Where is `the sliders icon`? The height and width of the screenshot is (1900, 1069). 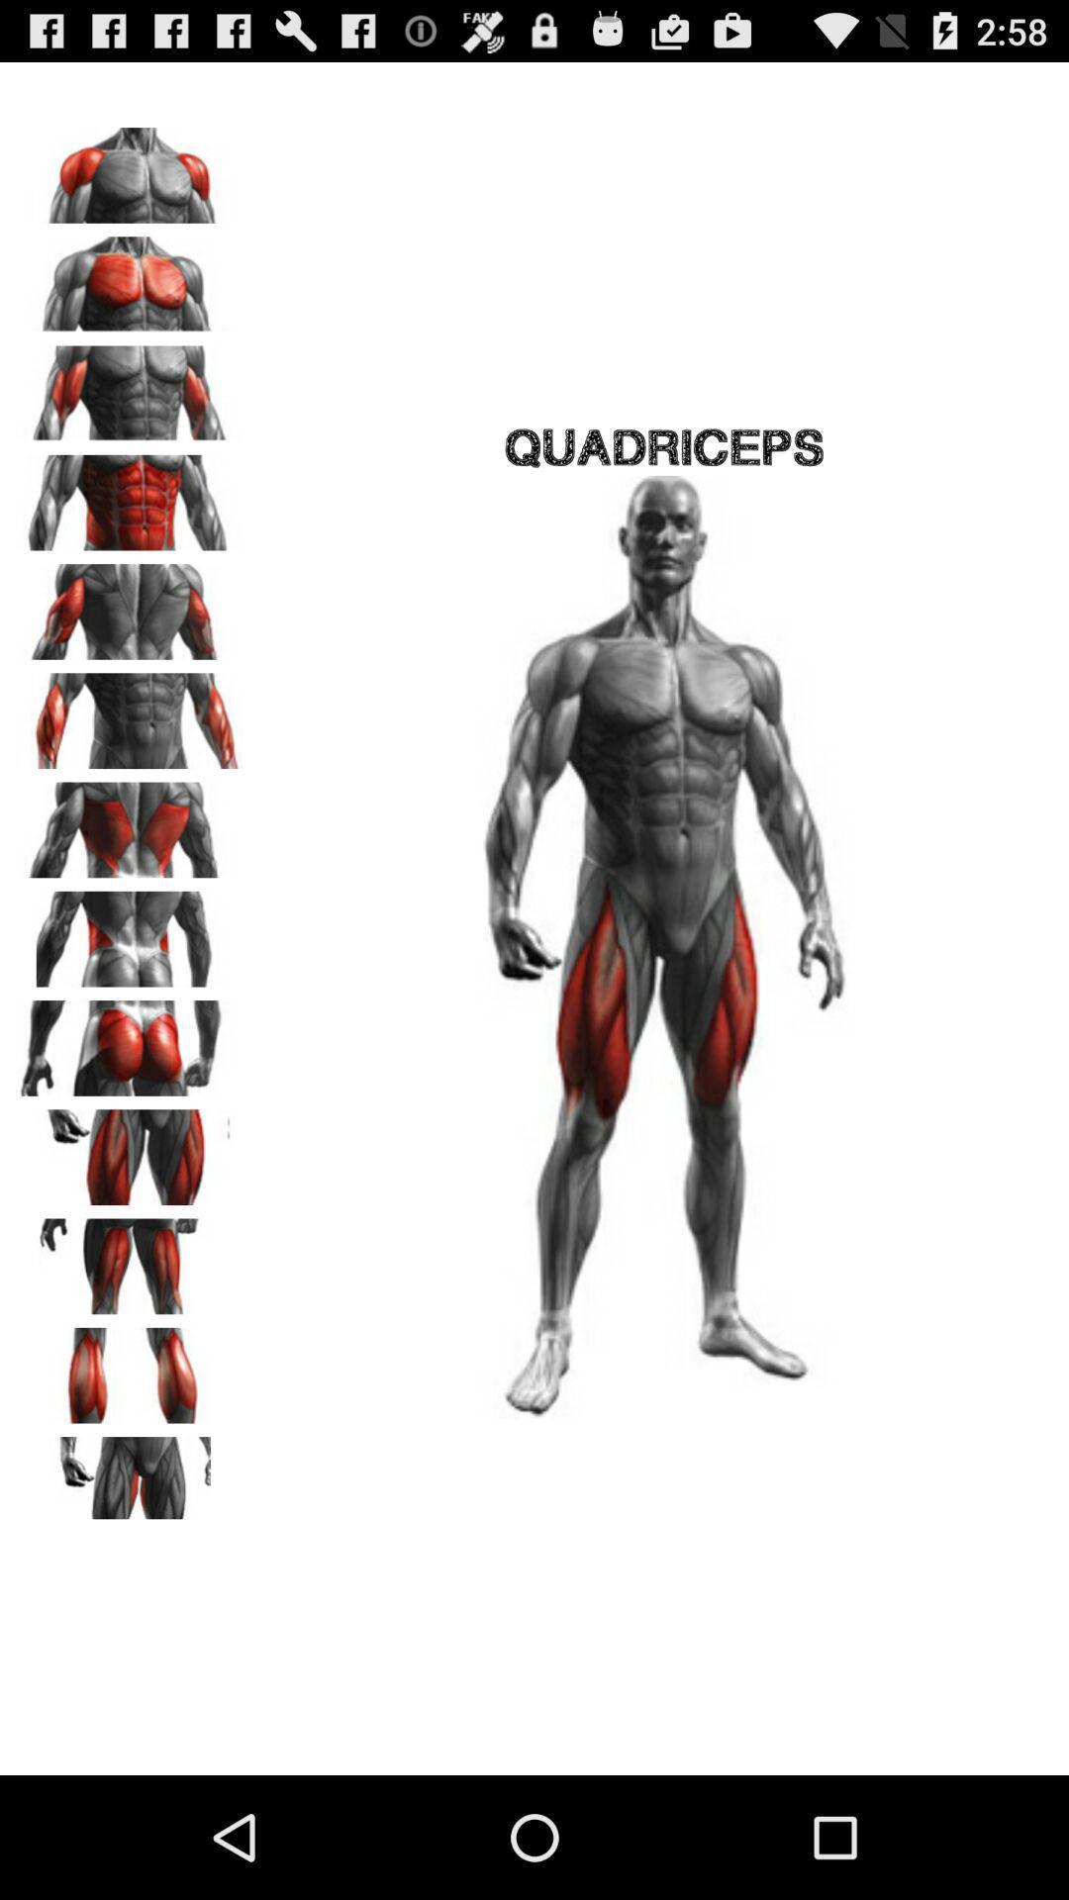 the sliders icon is located at coordinates (130, 1580).